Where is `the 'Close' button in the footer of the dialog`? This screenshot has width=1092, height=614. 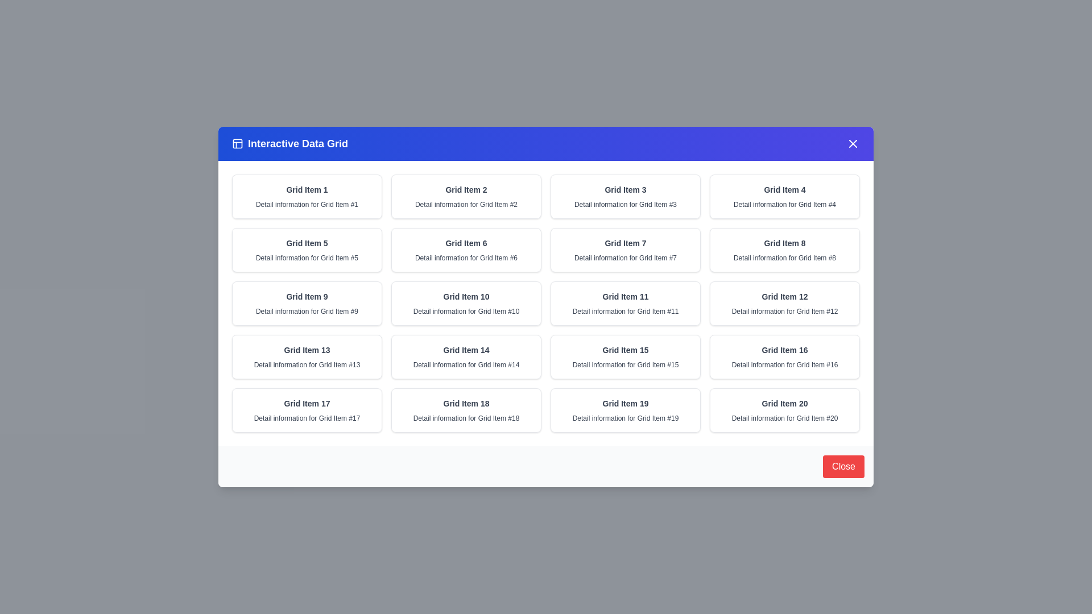
the 'Close' button in the footer of the dialog is located at coordinates (843, 467).